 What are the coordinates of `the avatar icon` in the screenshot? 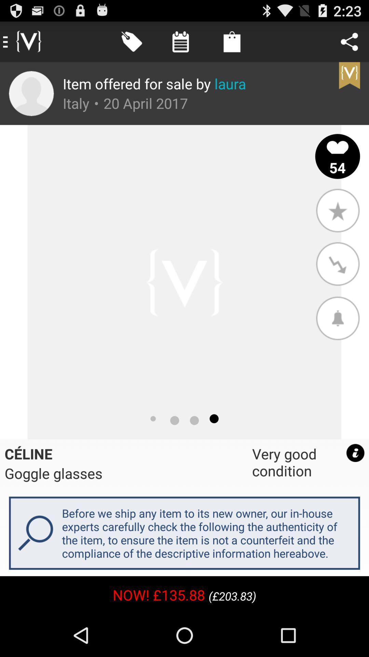 It's located at (31, 100).